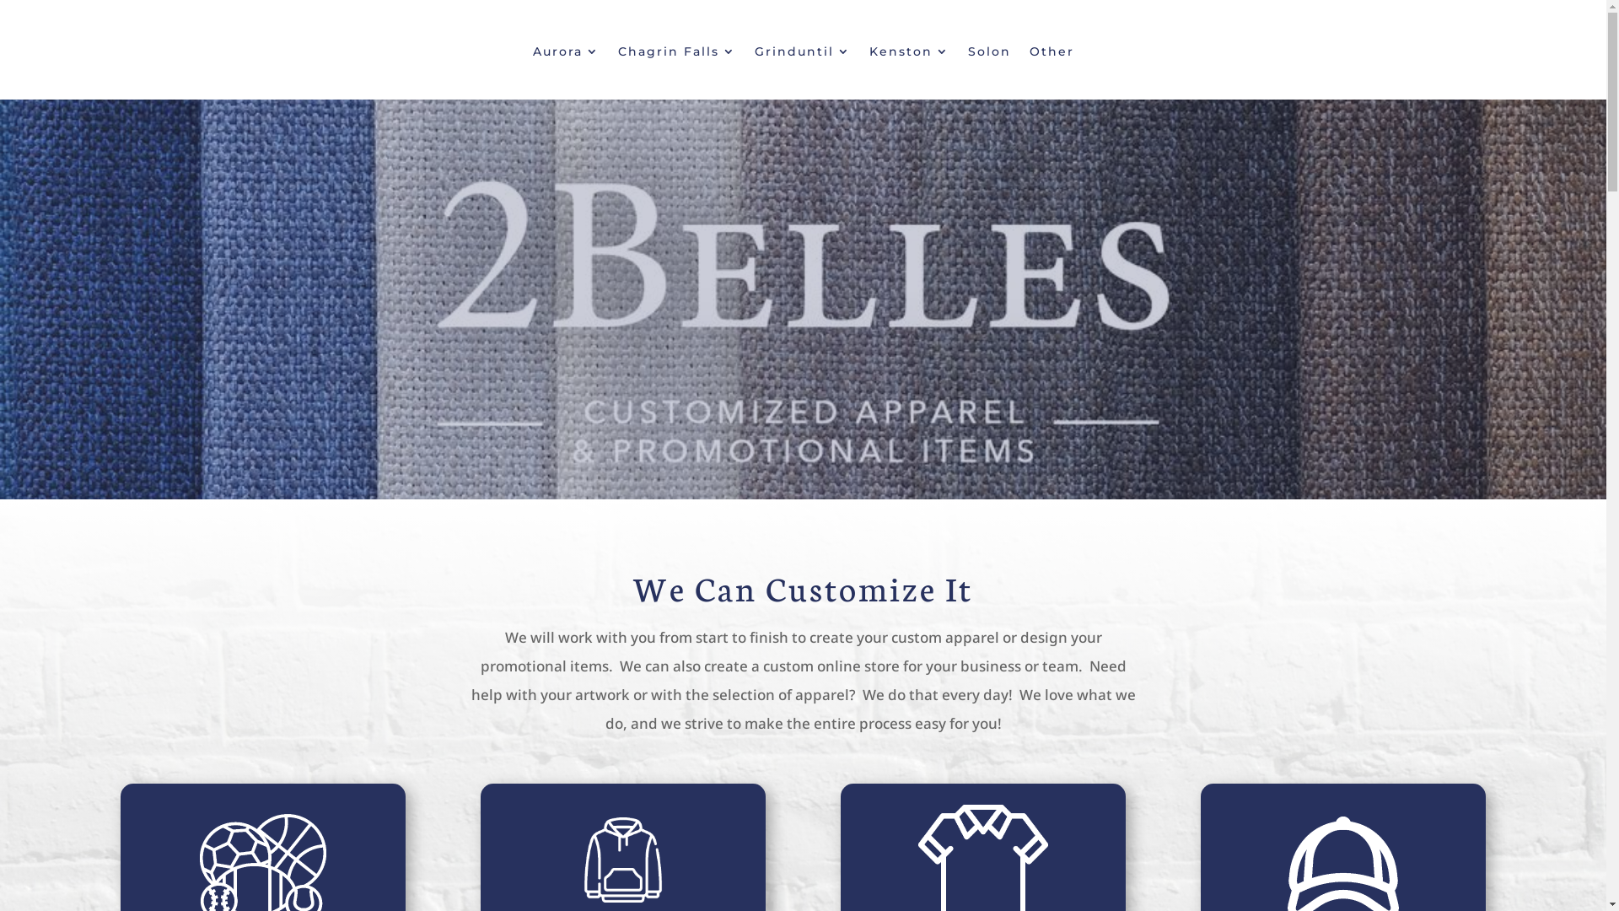  What do you see at coordinates (907, 54) in the screenshot?
I see `'Kenston'` at bounding box center [907, 54].